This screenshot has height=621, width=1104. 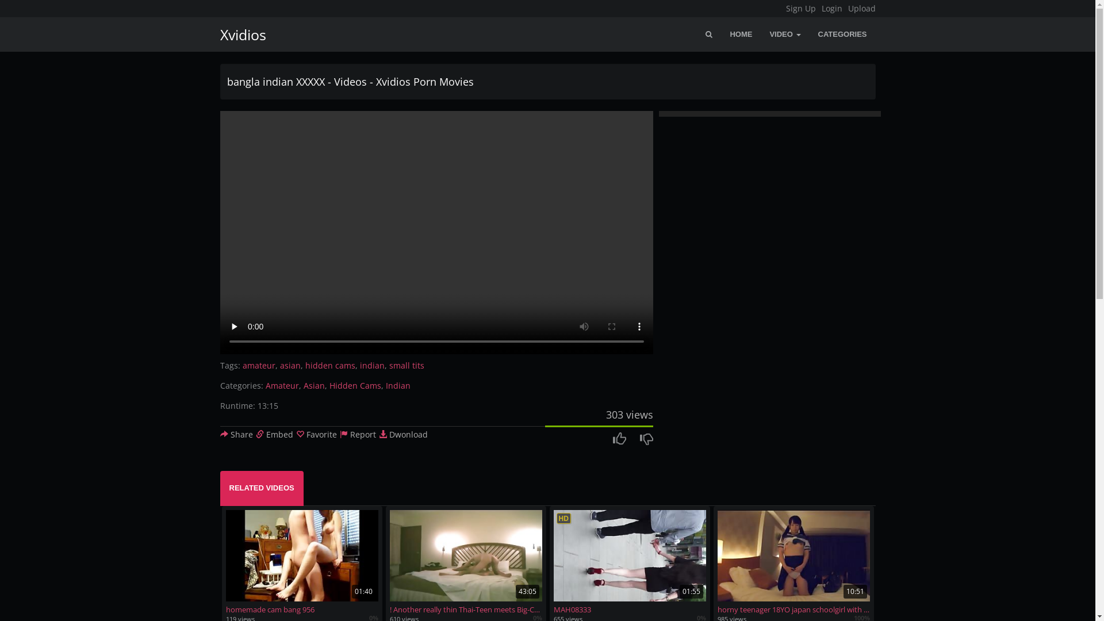 What do you see at coordinates (290, 365) in the screenshot?
I see `'asian'` at bounding box center [290, 365].